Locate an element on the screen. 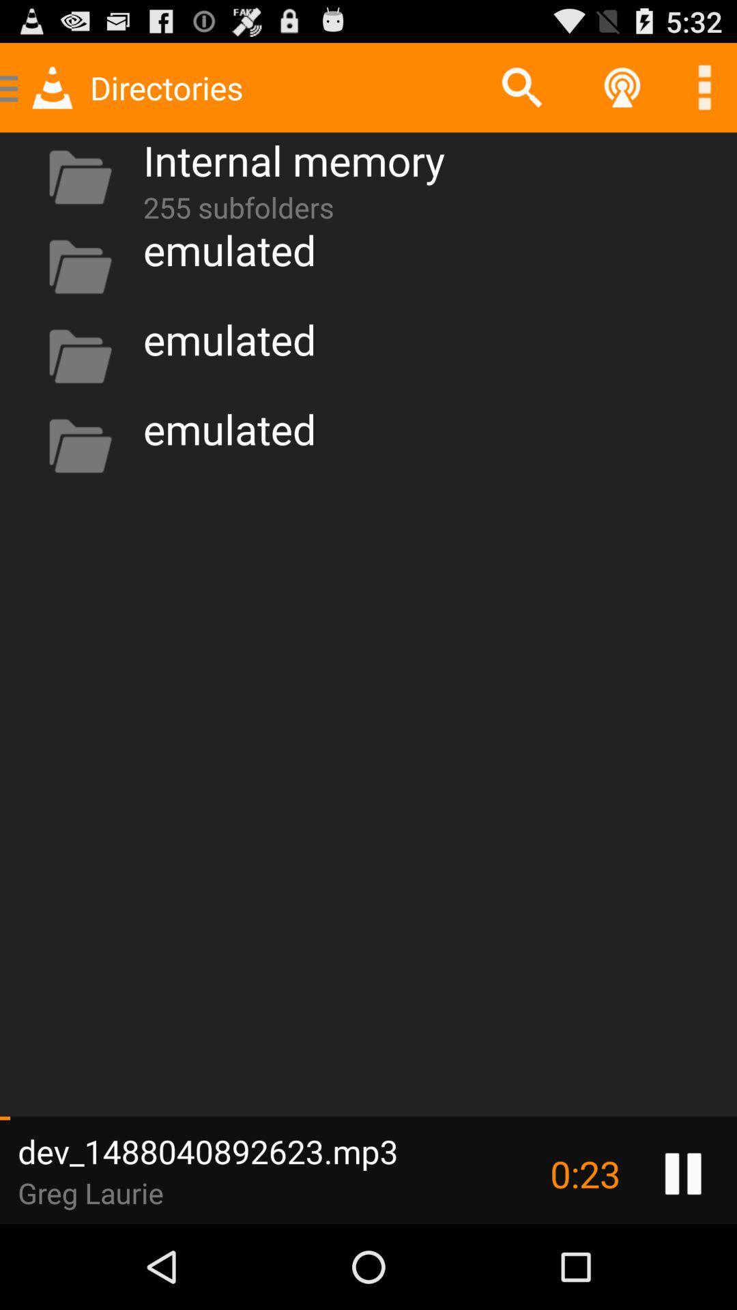 This screenshot has height=1310, width=737. app to the right of the internal memory app is located at coordinates (521, 87).